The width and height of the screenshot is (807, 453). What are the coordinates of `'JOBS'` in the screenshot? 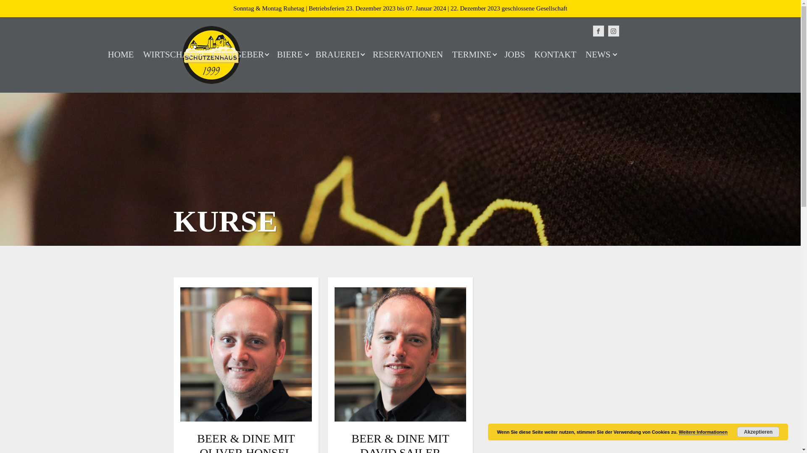 It's located at (514, 55).